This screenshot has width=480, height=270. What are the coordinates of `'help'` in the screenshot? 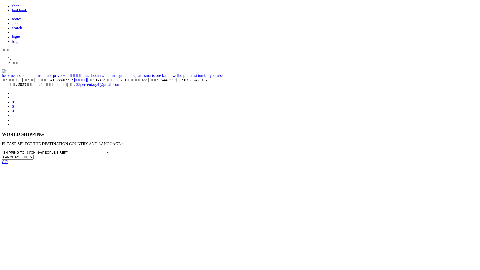 It's located at (5, 75).